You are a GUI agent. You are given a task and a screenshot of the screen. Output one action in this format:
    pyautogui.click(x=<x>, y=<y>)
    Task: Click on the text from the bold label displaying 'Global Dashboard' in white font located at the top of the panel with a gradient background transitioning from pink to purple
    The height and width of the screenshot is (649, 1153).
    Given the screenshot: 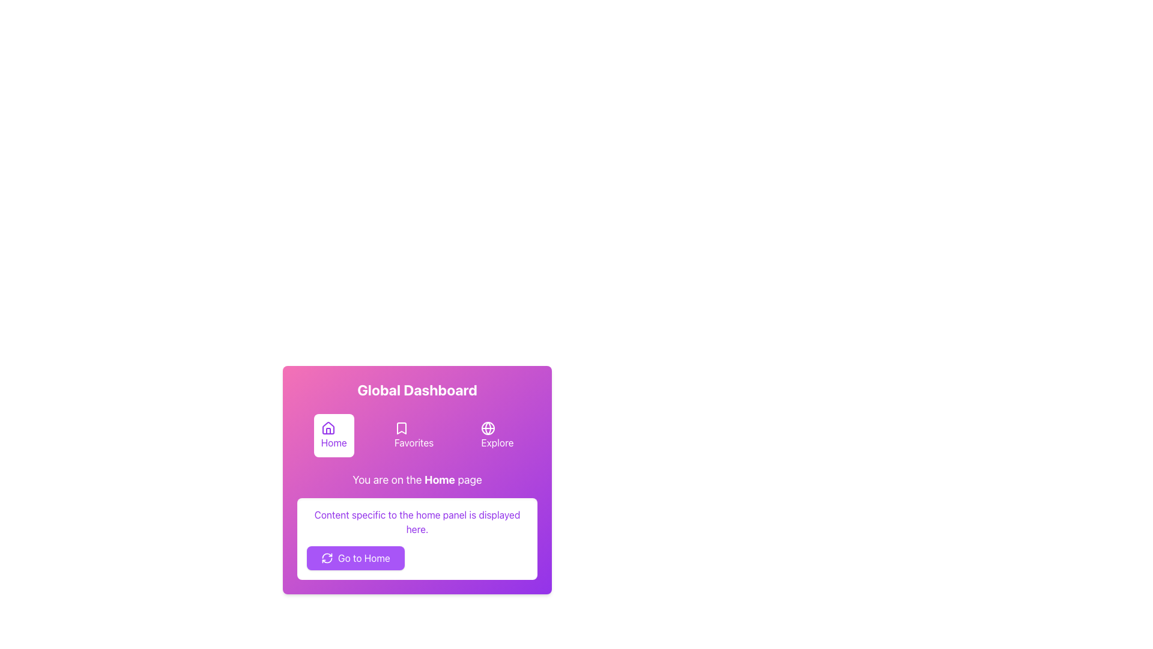 What is the action you would take?
    pyautogui.click(x=417, y=389)
    